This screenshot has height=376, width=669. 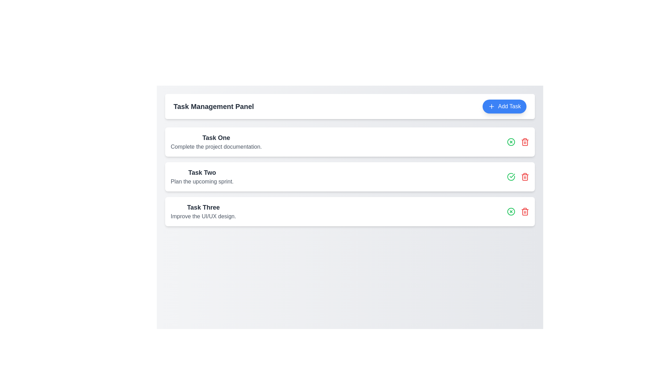 What do you see at coordinates (350, 211) in the screenshot?
I see `the 'Task Three' card` at bounding box center [350, 211].